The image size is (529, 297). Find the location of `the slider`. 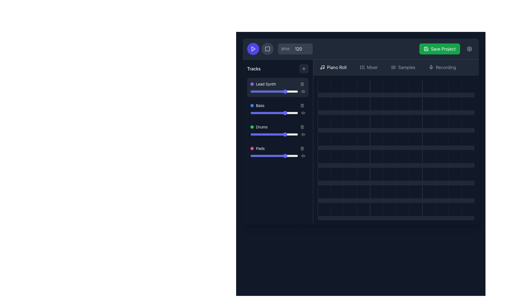

the slider is located at coordinates (266, 113).